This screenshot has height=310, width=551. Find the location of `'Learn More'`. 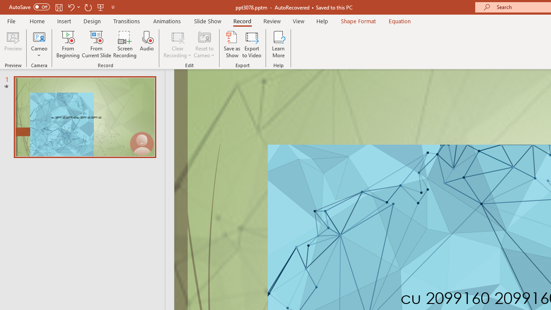

'Learn More' is located at coordinates (279, 44).